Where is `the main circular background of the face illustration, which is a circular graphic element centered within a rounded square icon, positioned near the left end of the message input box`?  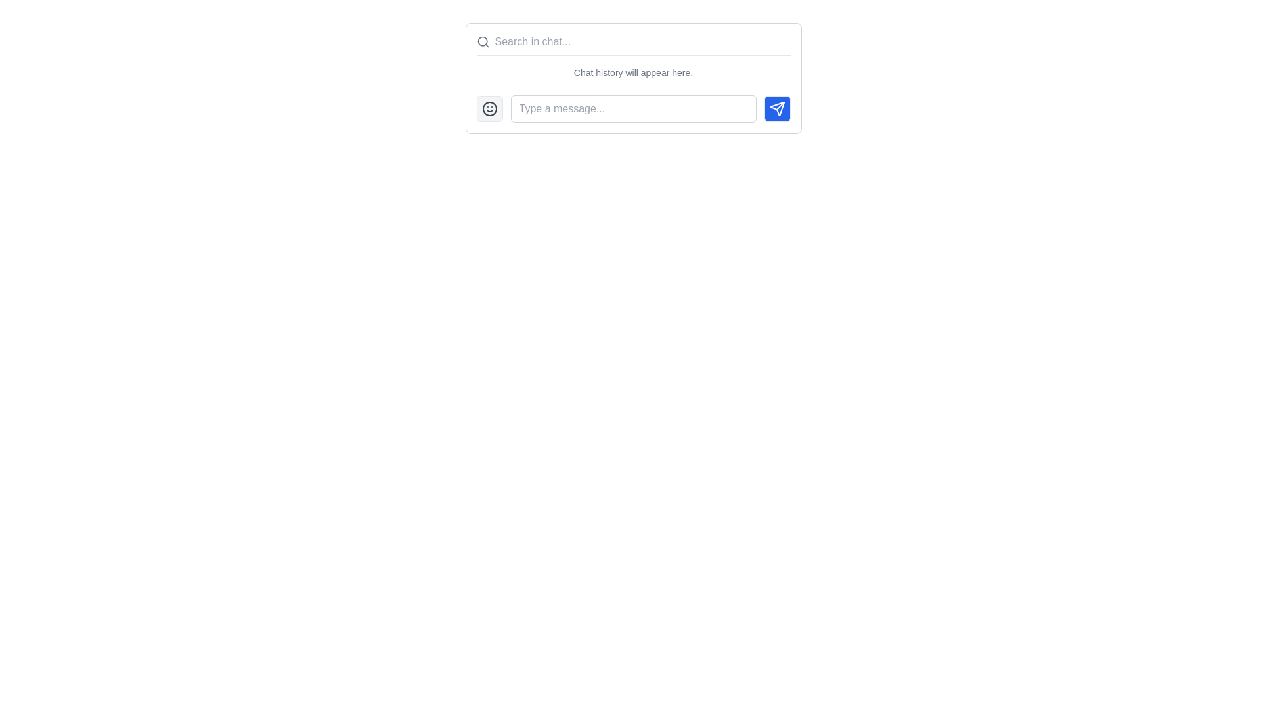 the main circular background of the face illustration, which is a circular graphic element centered within a rounded square icon, positioned near the left end of the message input box is located at coordinates (489, 108).